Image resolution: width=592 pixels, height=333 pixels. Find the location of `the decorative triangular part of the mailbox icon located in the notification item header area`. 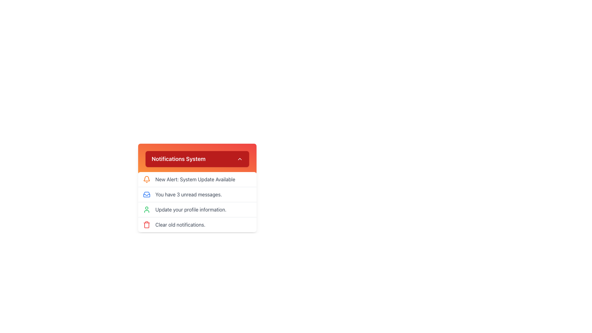

the decorative triangular part of the mailbox icon located in the notification item header area is located at coordinates (146, 195).